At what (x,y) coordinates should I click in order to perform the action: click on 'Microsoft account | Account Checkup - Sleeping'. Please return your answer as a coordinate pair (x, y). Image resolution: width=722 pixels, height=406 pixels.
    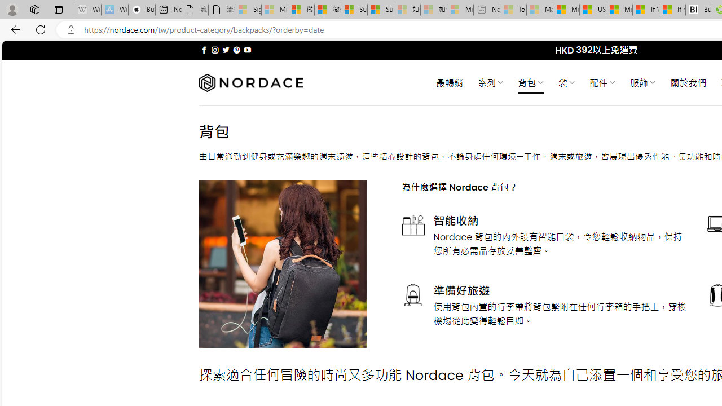
    Looking at the image, I should click on (460, 10).